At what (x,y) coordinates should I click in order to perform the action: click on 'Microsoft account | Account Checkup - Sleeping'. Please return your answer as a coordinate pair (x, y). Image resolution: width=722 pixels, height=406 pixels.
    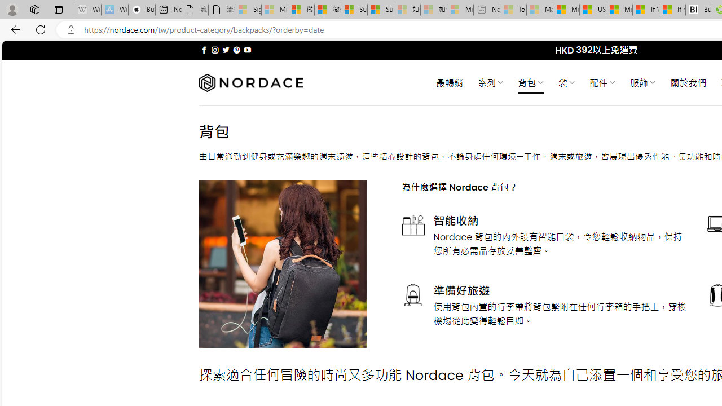
    Looking at the image, I should click on (460, 10).